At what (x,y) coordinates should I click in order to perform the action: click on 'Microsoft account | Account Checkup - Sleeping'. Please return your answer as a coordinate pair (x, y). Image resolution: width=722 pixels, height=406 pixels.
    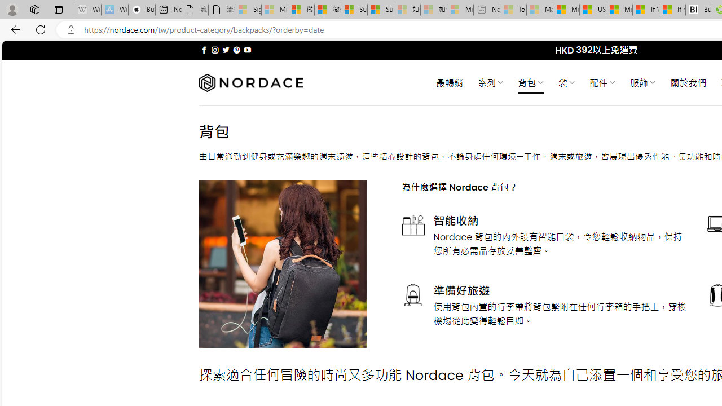
    Looking at the image, I should click on (460, 10).